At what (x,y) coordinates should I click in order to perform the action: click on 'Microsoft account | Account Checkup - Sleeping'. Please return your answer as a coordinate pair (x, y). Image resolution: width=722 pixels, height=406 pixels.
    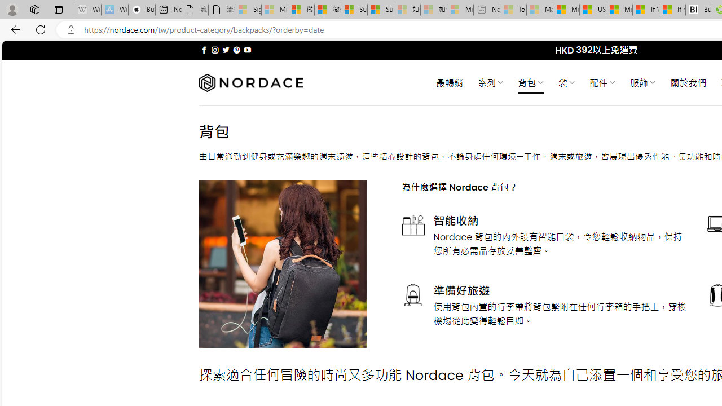
    Looking at the image, I should click on (460, 10).